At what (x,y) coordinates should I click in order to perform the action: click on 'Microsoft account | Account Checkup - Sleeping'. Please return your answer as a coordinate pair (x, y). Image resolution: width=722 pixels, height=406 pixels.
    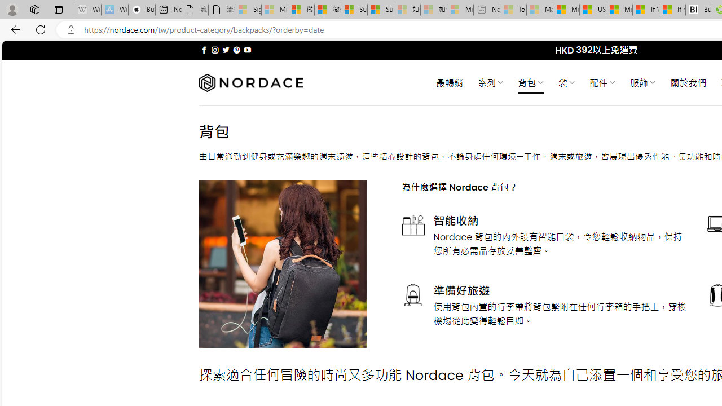
    Looking at the image, I should click on (460, 10).